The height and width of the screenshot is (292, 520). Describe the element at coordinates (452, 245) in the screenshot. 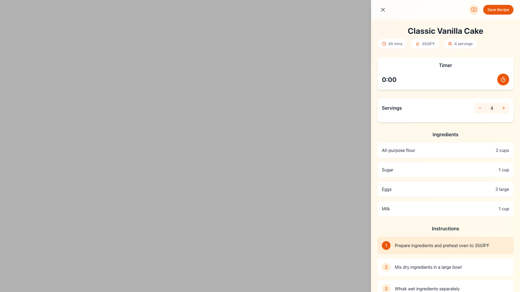

I see `the Text component stating 'Prepare ingredients and preheat oven to 350°F', which is positioned under the 'Instructions' section and adjacent to an orange circular icon with the number '1'` at that location.